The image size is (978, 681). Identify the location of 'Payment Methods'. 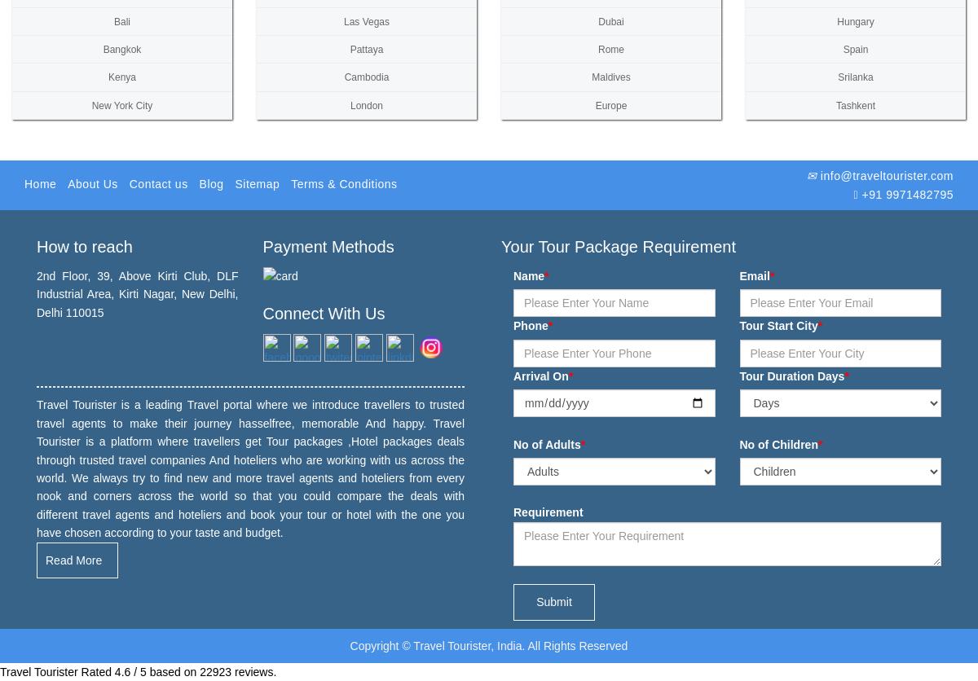
(328, 245).